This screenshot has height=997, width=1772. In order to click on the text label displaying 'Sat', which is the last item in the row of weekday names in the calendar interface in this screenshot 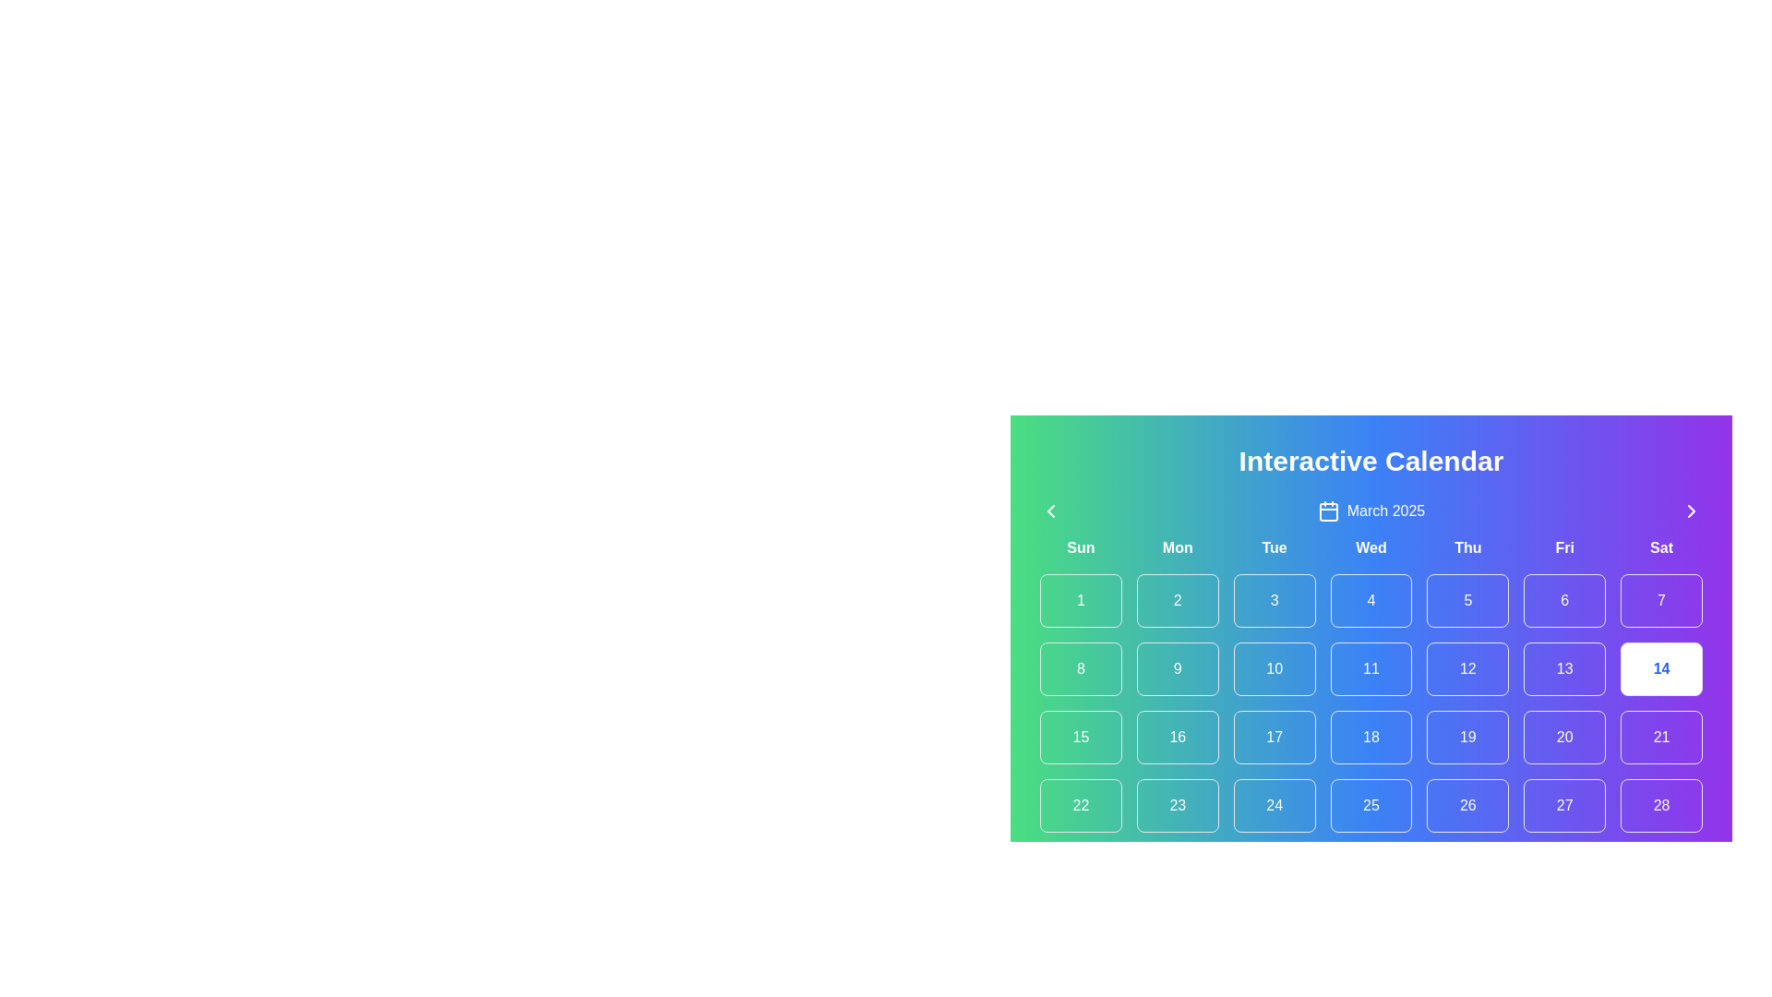, I will do `click(1661, 547)`.